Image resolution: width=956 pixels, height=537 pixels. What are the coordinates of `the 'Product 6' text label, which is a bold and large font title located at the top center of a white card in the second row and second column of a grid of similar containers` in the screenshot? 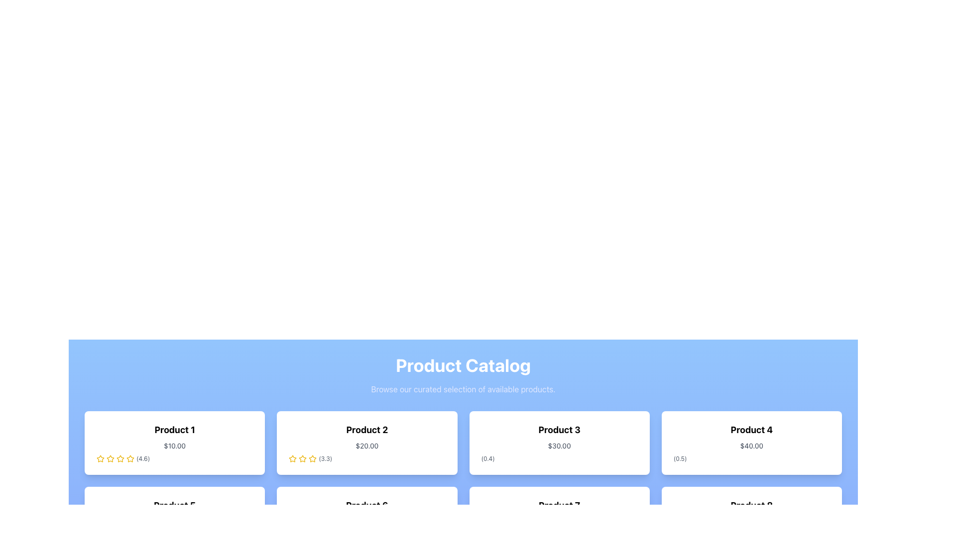 It's located at (366, 506).